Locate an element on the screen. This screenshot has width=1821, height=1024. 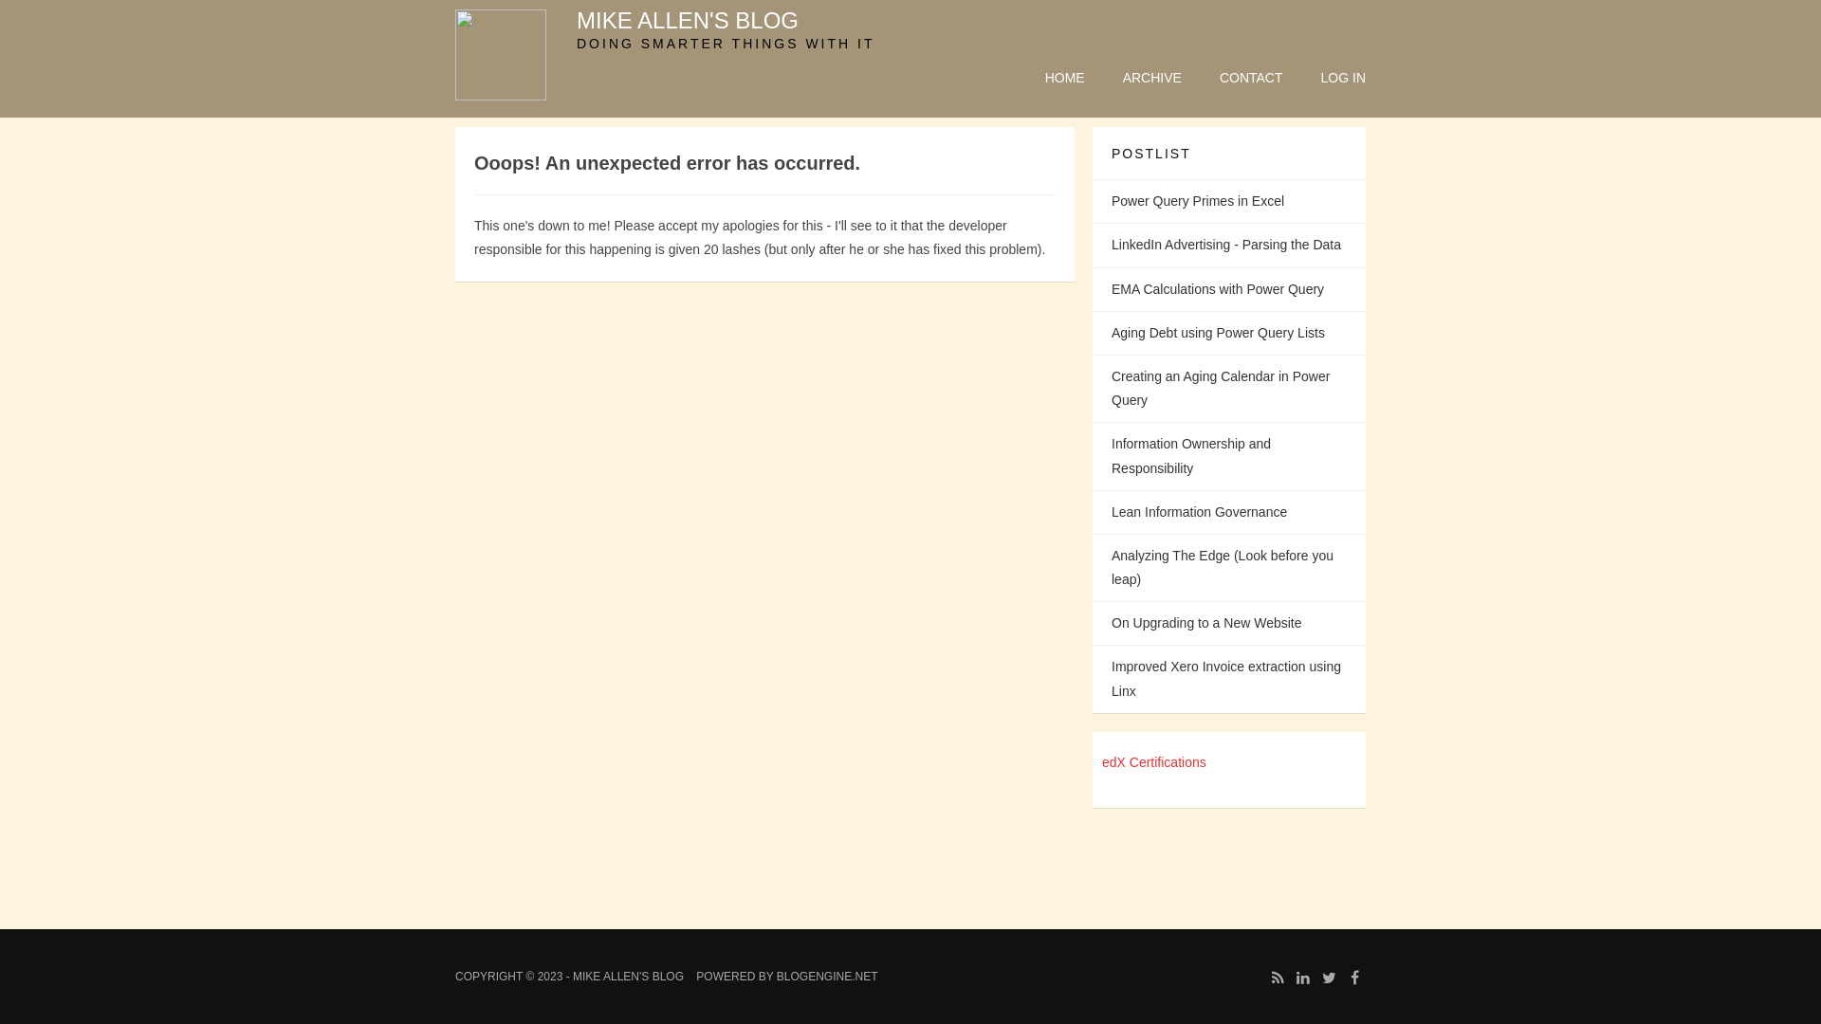
'Lean Information Governance' is located at coordinates (1229, 512).